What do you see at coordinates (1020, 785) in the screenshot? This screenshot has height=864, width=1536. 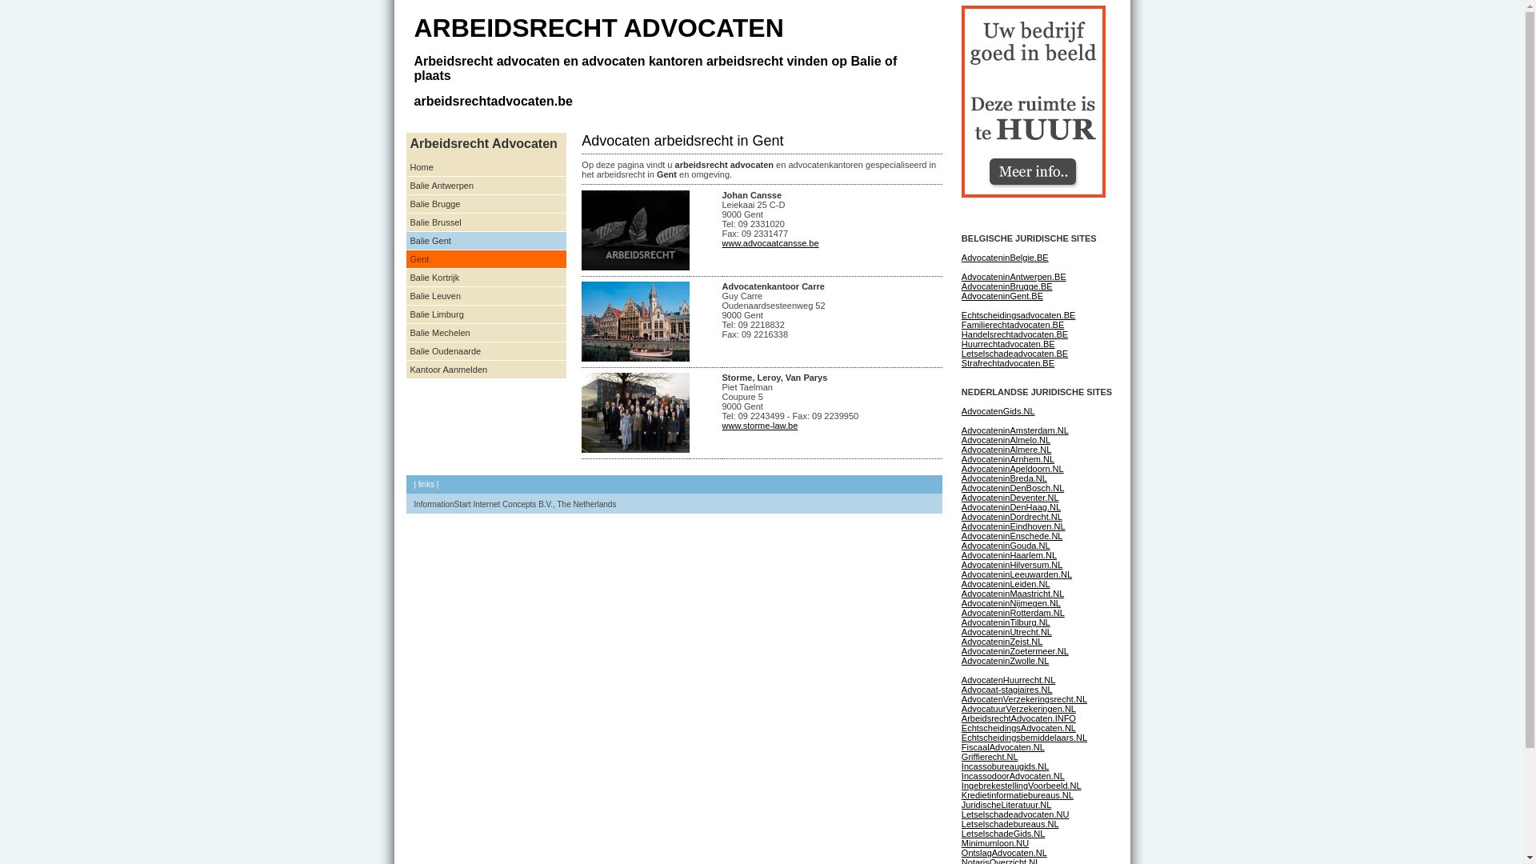 I see `'IngebrekestellingVoorbeeld.NL'` at bounding box center [1020, 785].